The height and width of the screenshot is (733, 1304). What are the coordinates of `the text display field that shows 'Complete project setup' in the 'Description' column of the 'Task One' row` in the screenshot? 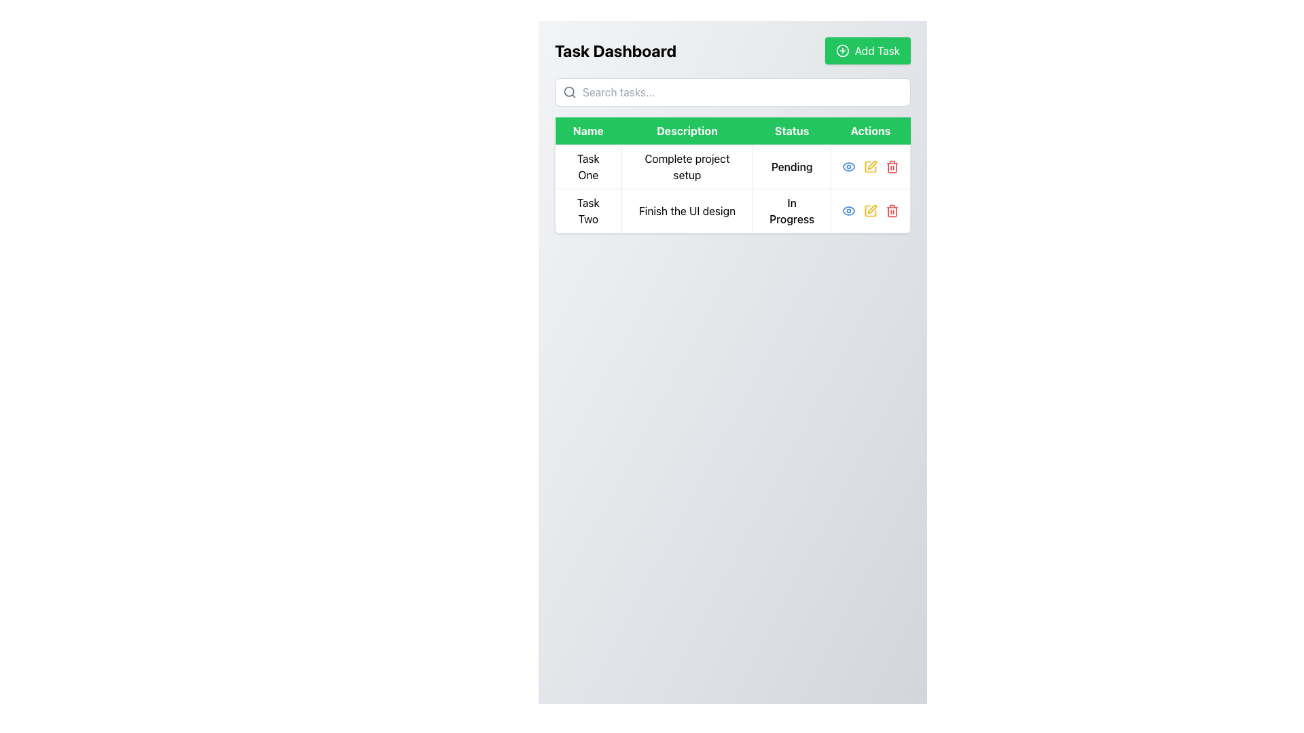 It's located at (687, 166).